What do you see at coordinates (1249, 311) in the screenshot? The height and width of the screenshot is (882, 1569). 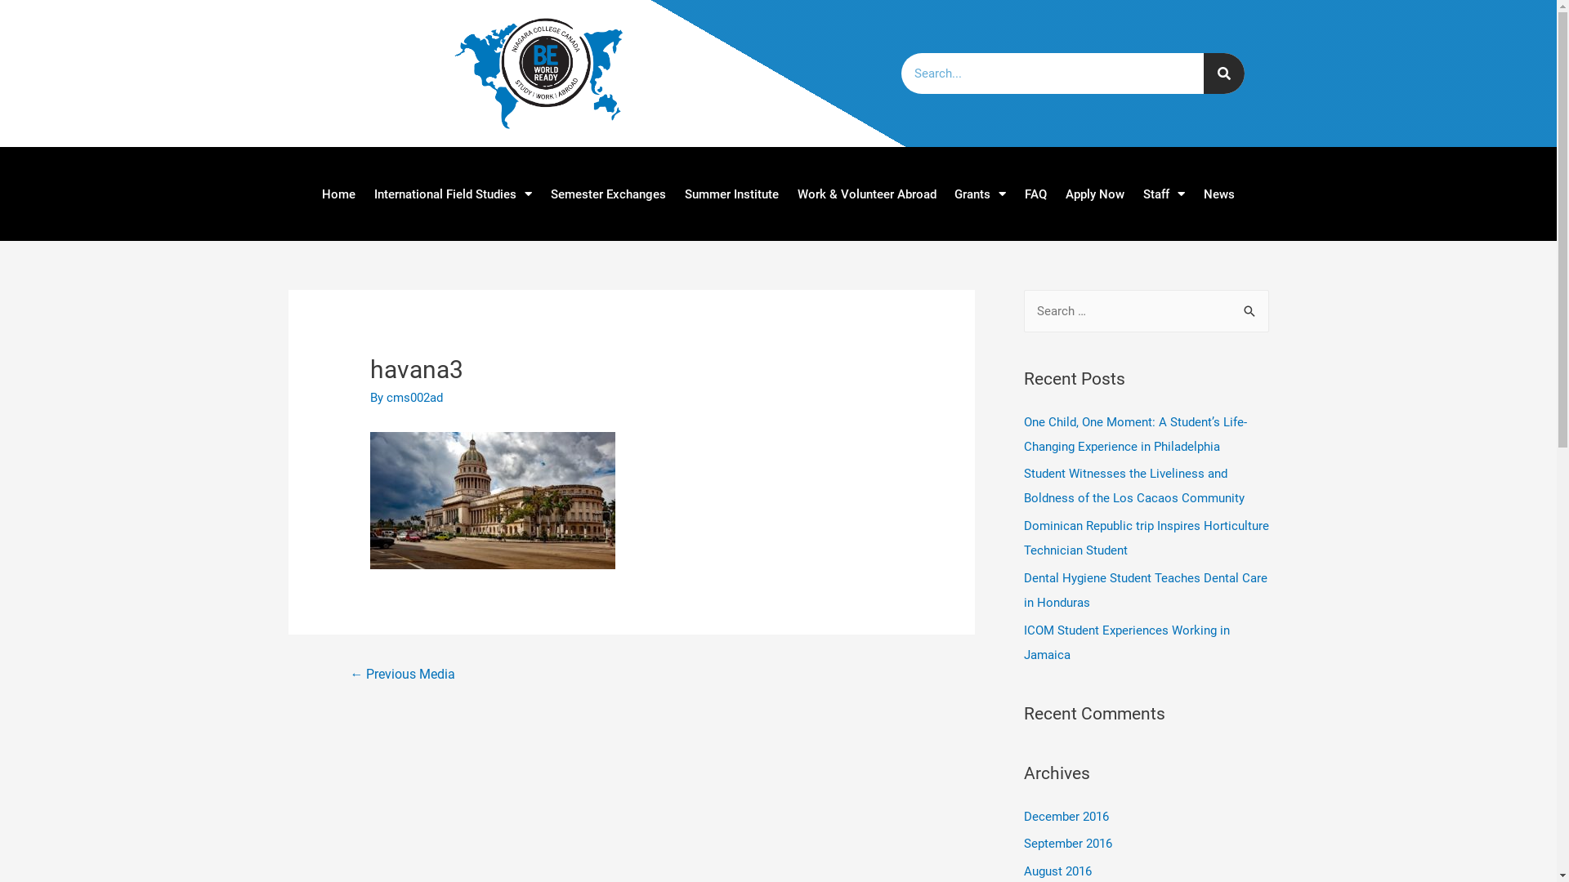 I see `'Search'` at bounding box center [1249, 311].